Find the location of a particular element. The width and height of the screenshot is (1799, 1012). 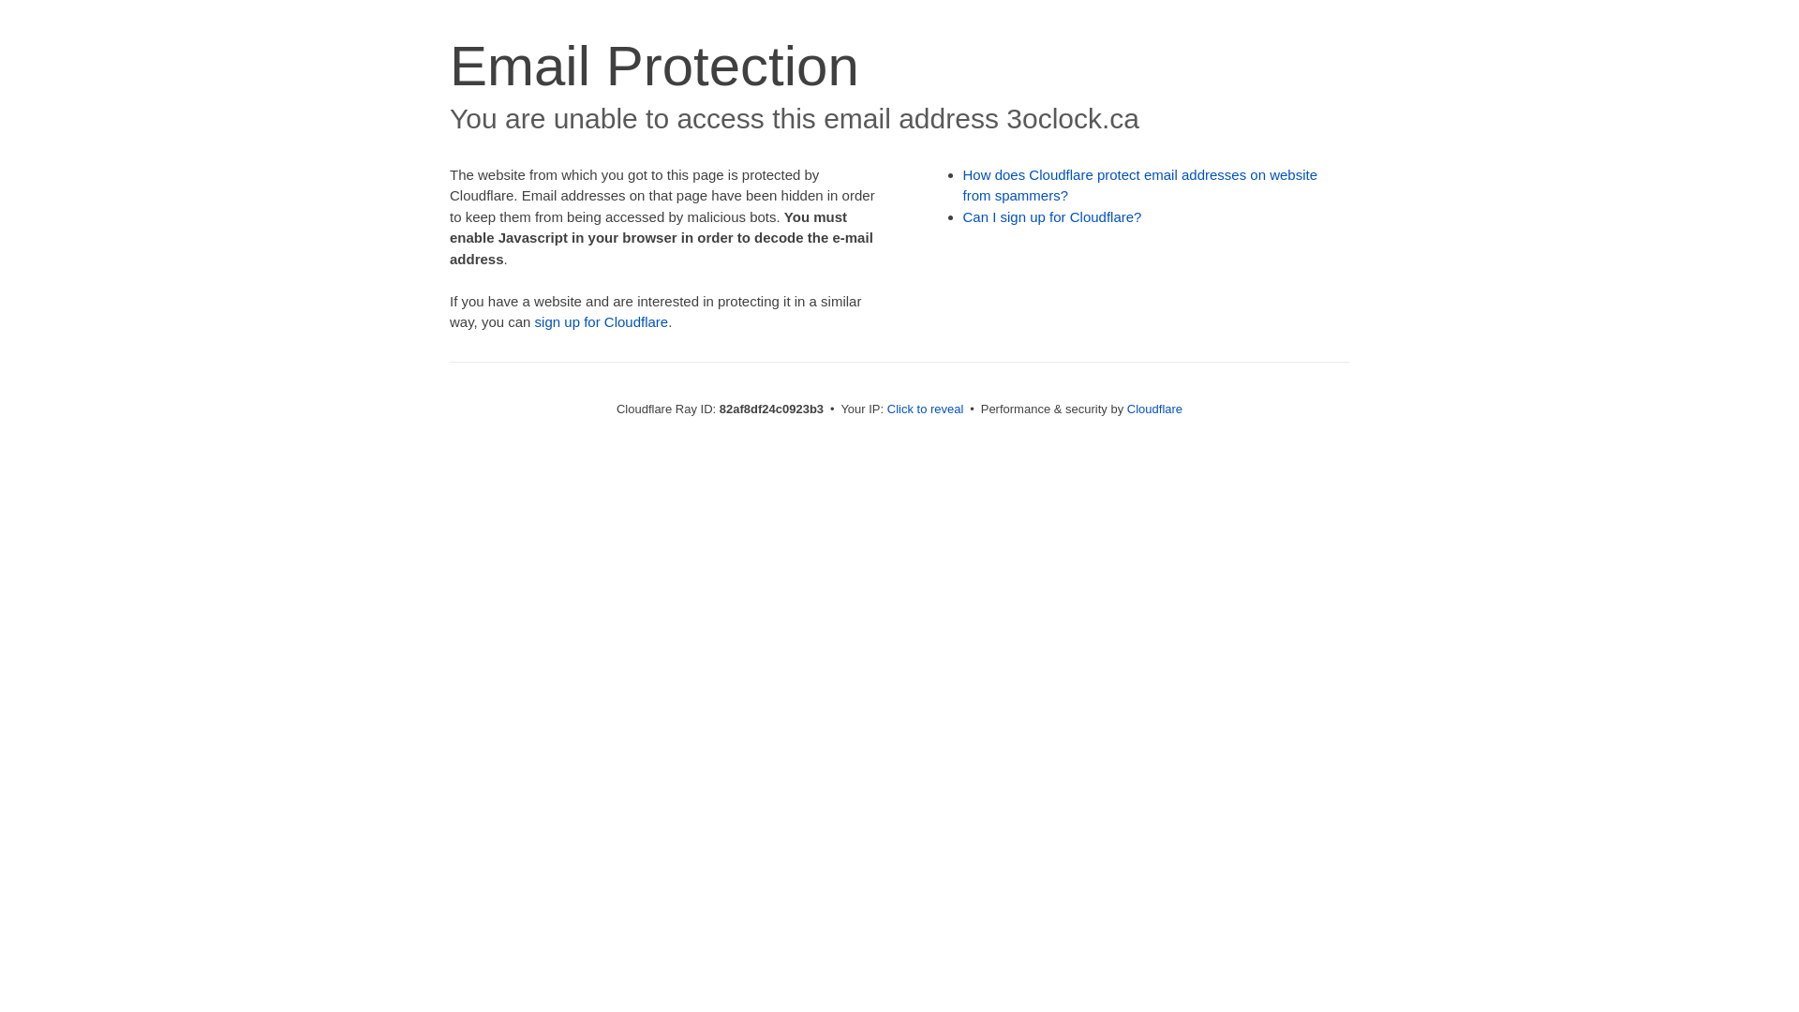

'Cloudflare' is located at coordinates (1153, 408).